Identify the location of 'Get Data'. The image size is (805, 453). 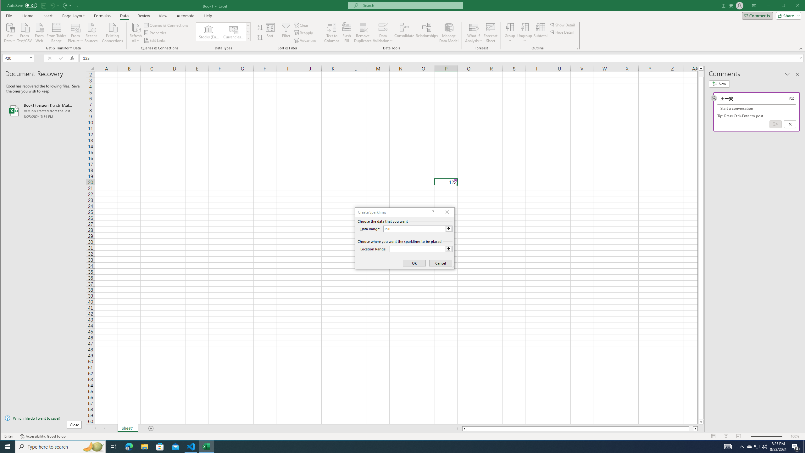
(9, 32).